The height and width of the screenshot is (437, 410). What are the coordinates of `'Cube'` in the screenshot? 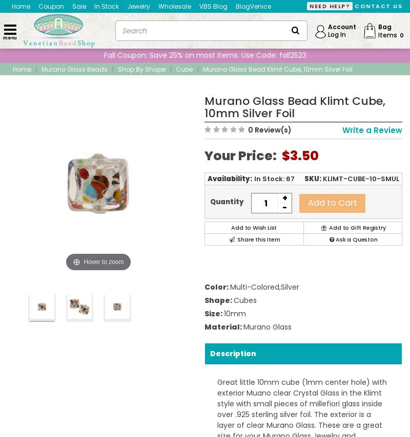 It's located at (176, 68).